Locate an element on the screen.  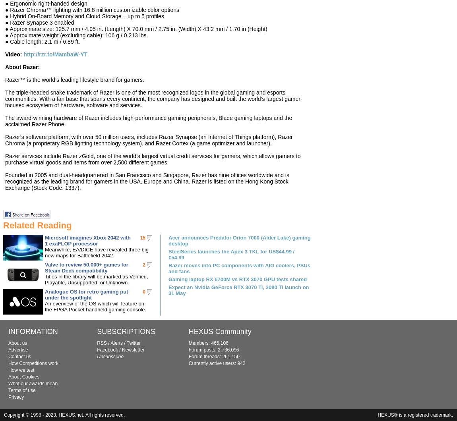
'Contact us' is located at coordinates (19, 357).